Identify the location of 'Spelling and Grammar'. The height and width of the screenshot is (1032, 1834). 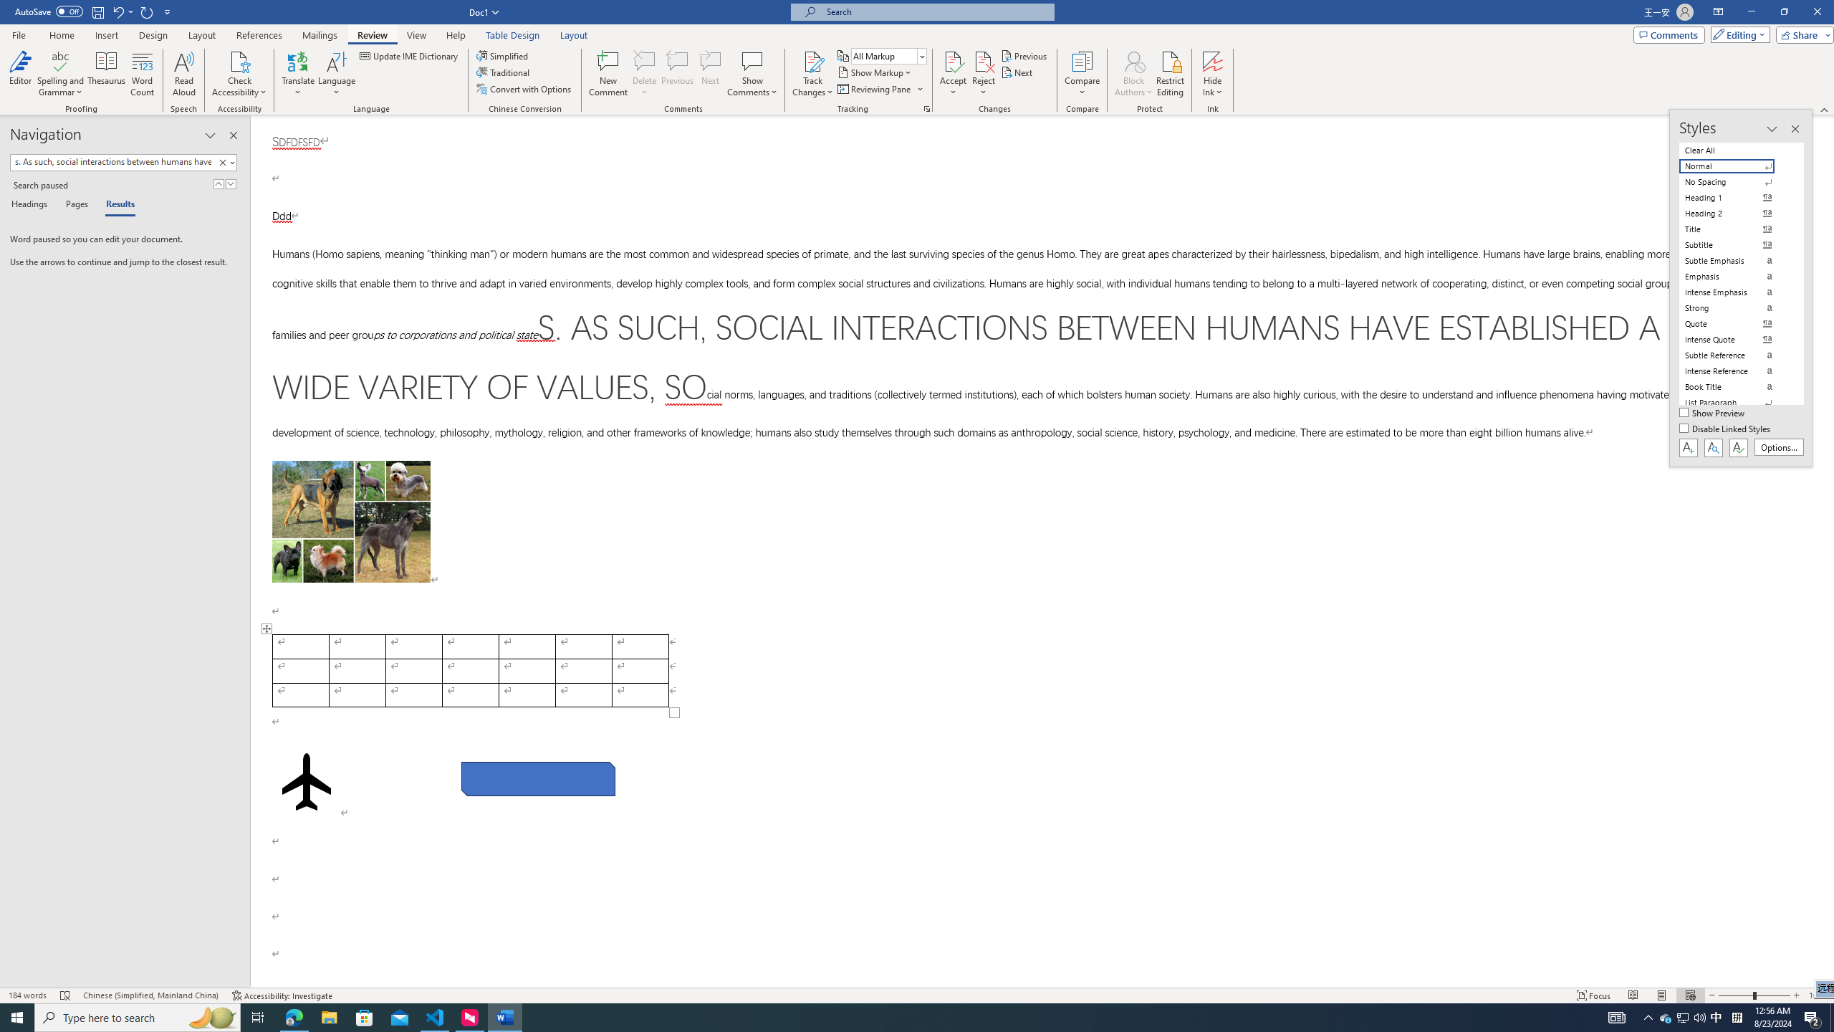
(61, 60).